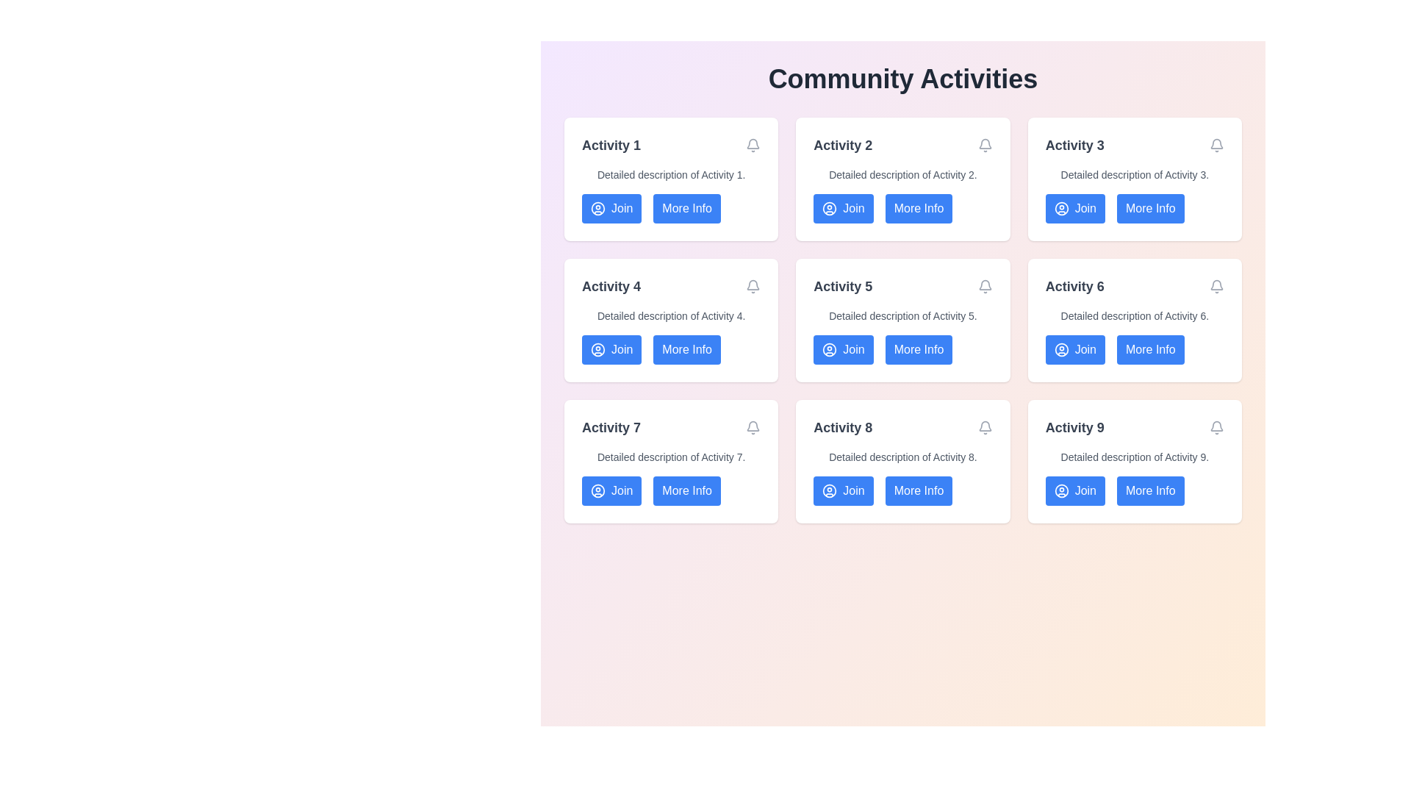  Describe the element at coordinates (902, 456) in the screenshot. I see `the TextLabel displaying 'Detailed description of Activity 8', which is positioned below the title 'Activity 8' and above the action buttons 'Join' and 'More Info'` at that location.